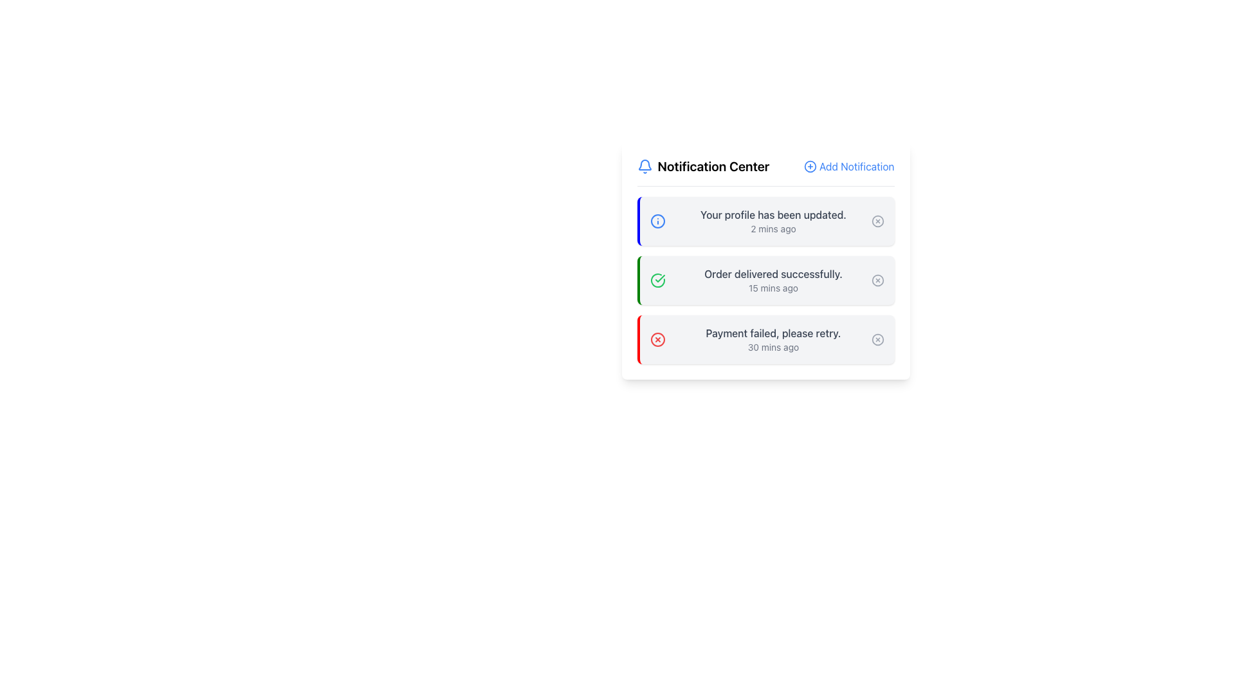 The width and height of the screenshot is (1235, 695). Describe the element at coordinates (773, 220) in the screenshot. I see `the notification message 'Your profile has been updated.' displayed at the top of the notification list in the notification center panel` at that location.